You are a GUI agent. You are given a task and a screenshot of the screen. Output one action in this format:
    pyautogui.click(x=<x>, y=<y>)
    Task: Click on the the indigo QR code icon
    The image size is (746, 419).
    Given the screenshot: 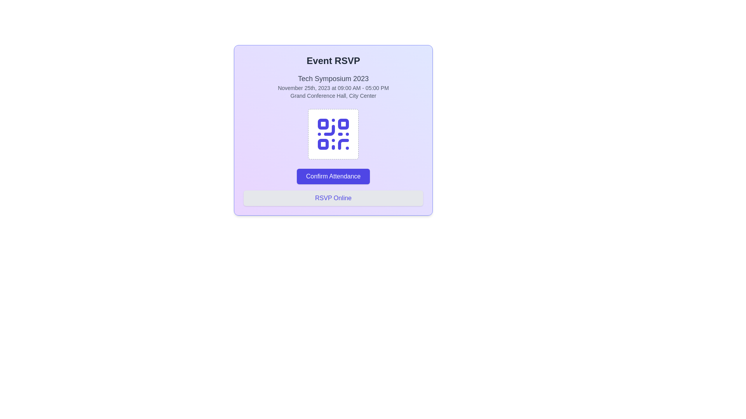 What is the action you would take?
    pyautogui.click(x=333, y=134)
    